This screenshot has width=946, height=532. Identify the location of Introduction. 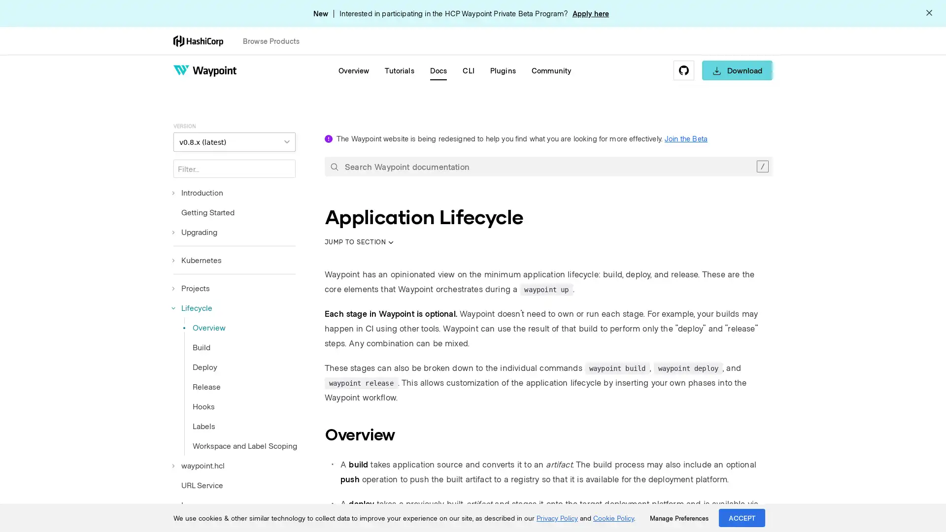
(198, 192).